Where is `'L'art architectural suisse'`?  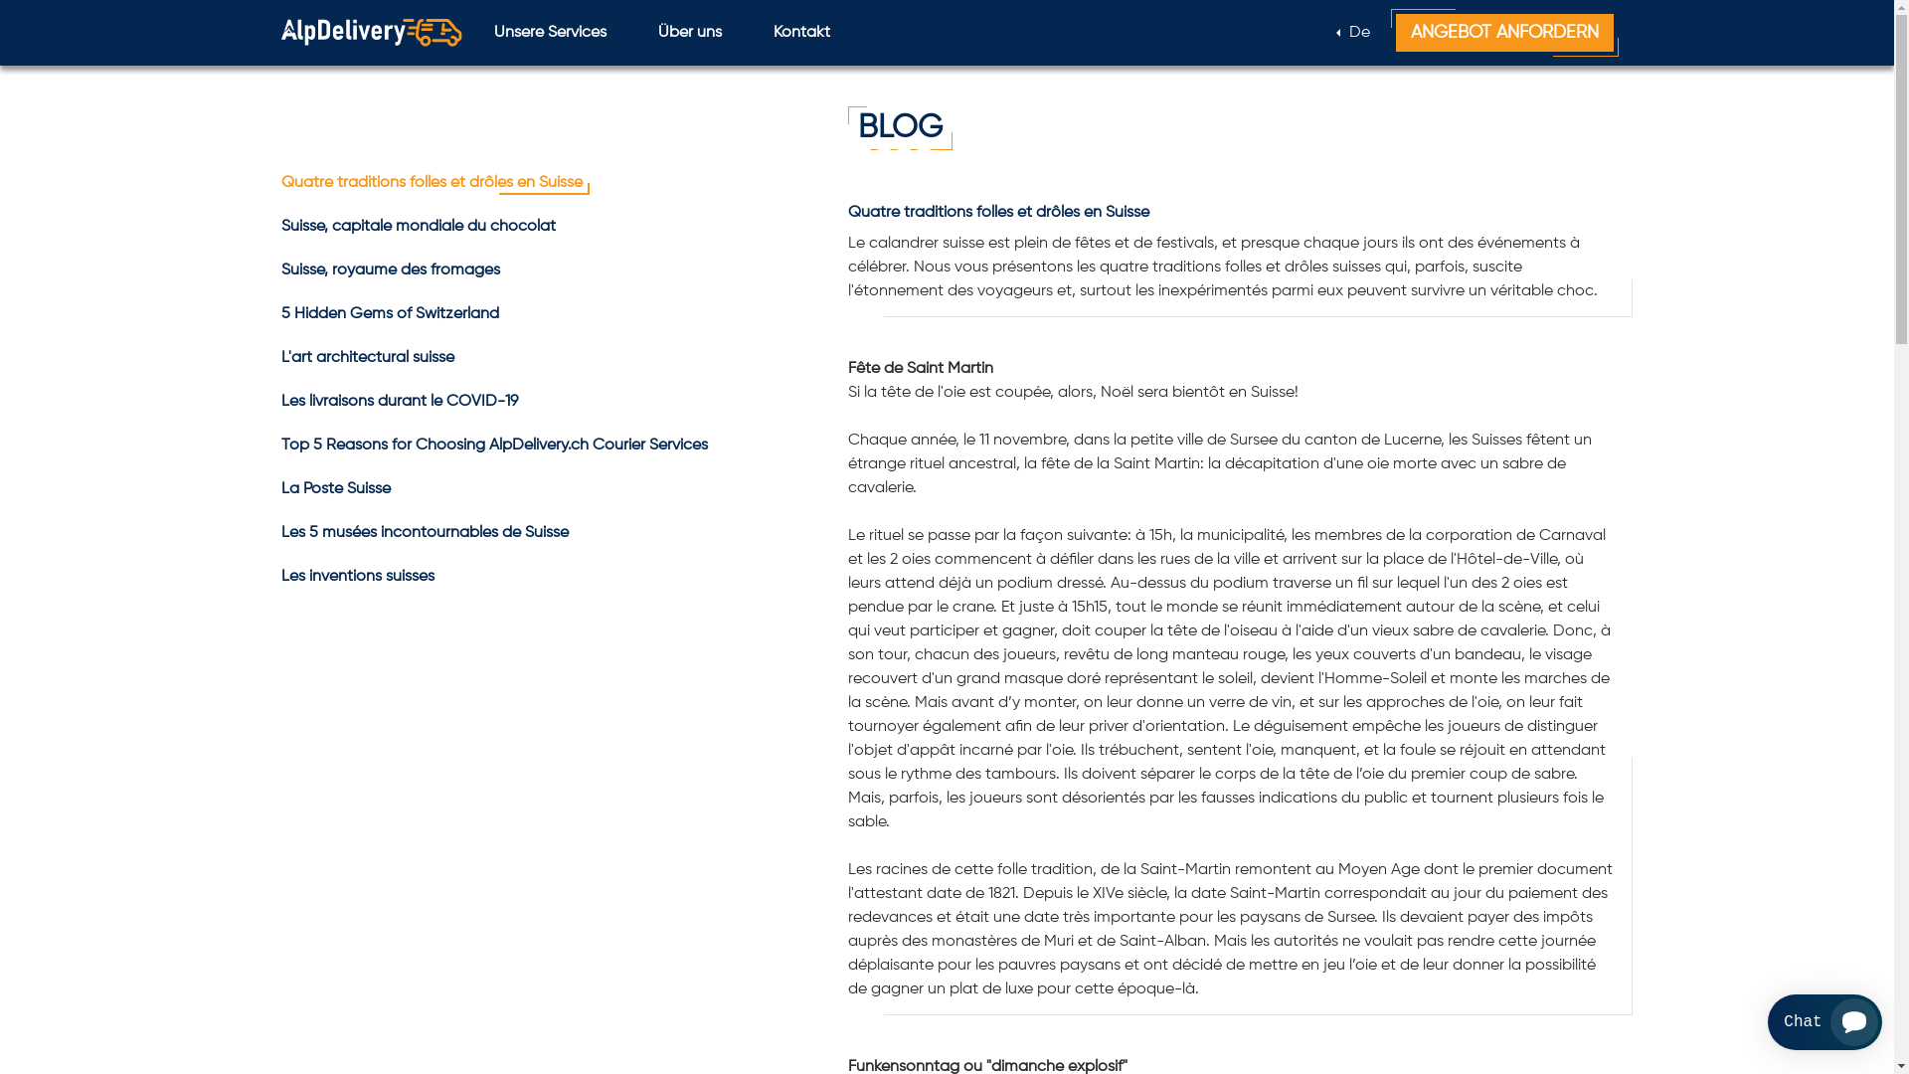 'L'art architectural suisse' is located at coordinates (367, 356).